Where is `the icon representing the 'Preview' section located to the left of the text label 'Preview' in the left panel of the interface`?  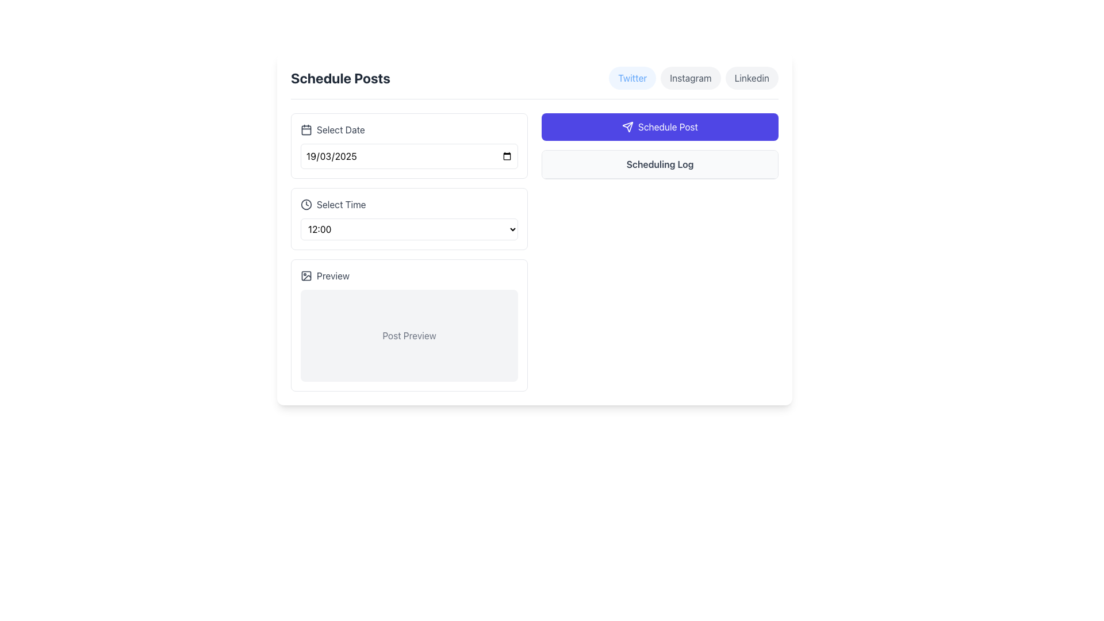
the icon representing the 'Preview' section located to the left of the text label 'Preview' in the left panel of the interface is located at coordinates (306, 275).